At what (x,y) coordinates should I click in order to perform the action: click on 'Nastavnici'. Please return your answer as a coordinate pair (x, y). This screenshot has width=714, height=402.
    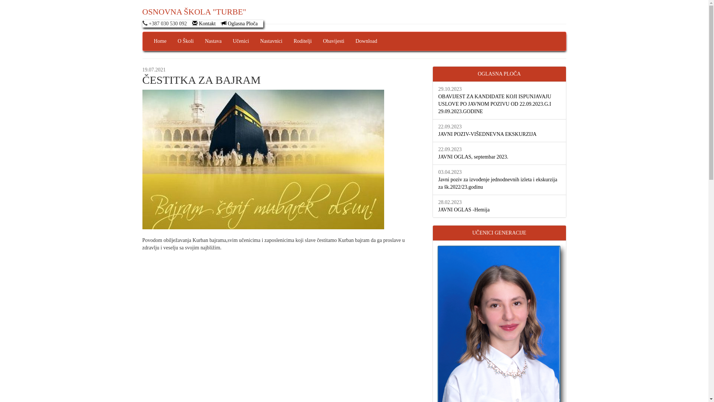
    Looking at the image, I should click on (271, 41).